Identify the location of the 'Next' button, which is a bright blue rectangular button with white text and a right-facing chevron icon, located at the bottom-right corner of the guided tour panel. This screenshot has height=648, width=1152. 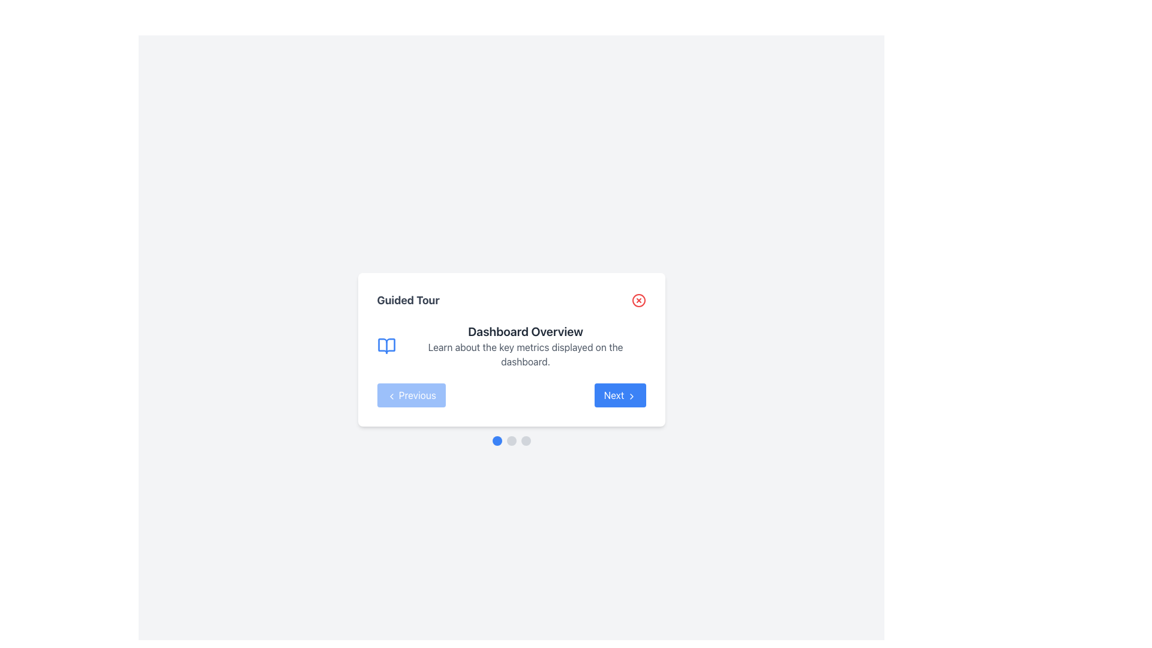
(620, 395).